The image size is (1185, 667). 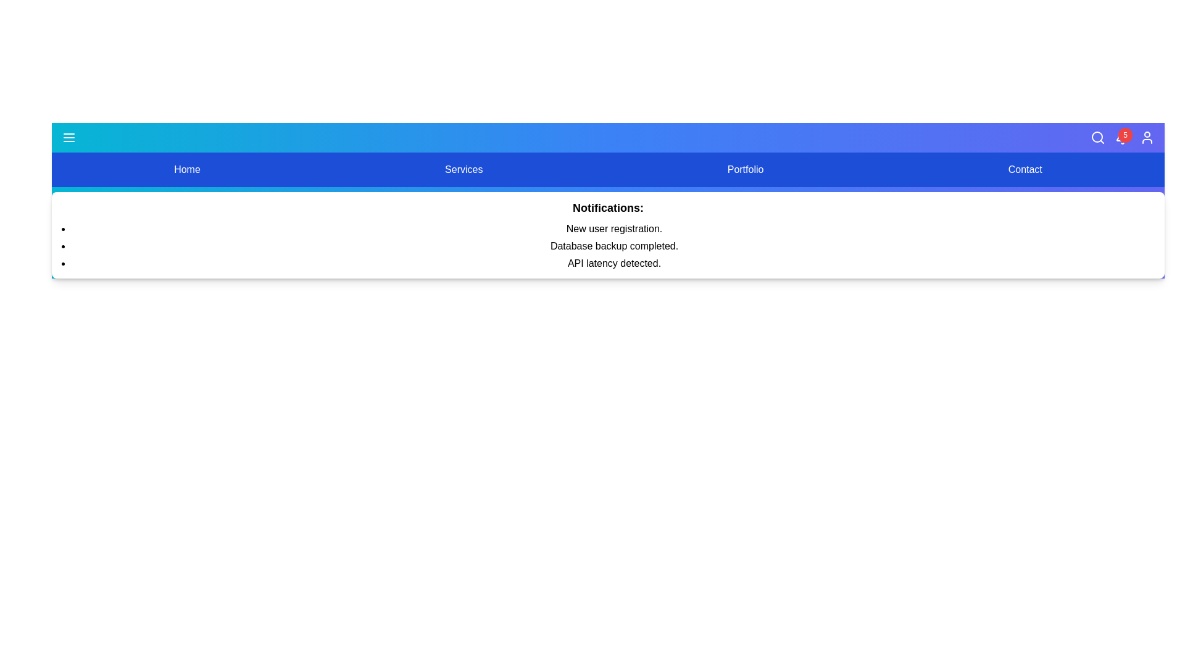 I want to click on the menu option Services by clicking on it, so click(x=462, y=169).